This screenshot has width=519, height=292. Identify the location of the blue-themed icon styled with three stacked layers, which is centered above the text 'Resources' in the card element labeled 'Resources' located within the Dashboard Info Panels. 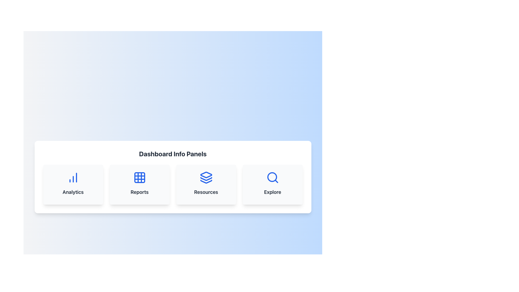
(206, 177).